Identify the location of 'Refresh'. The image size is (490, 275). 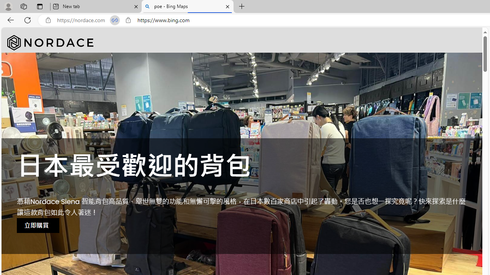
(28, 19).